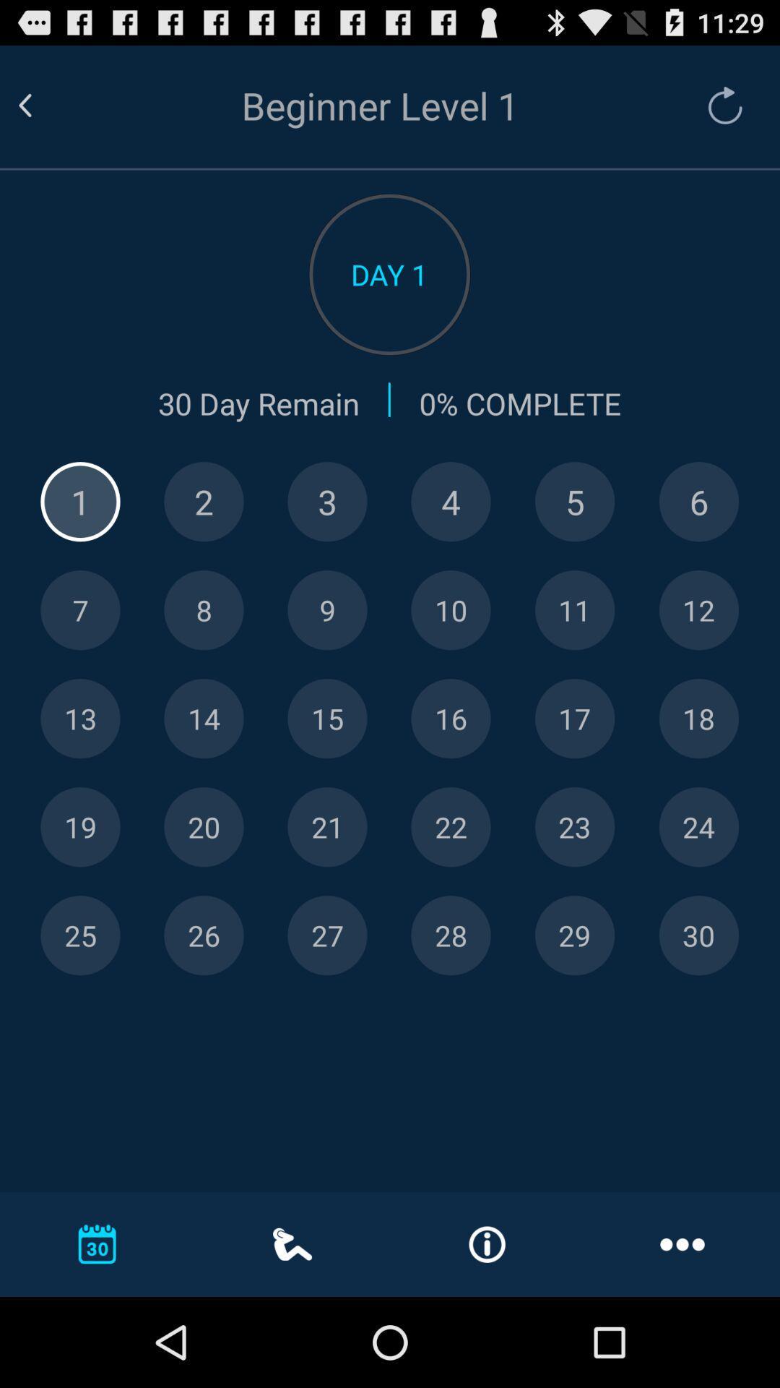 This screenshot has width=780, height=1388. I want to click on the skip_next icon, so click(204, 884).